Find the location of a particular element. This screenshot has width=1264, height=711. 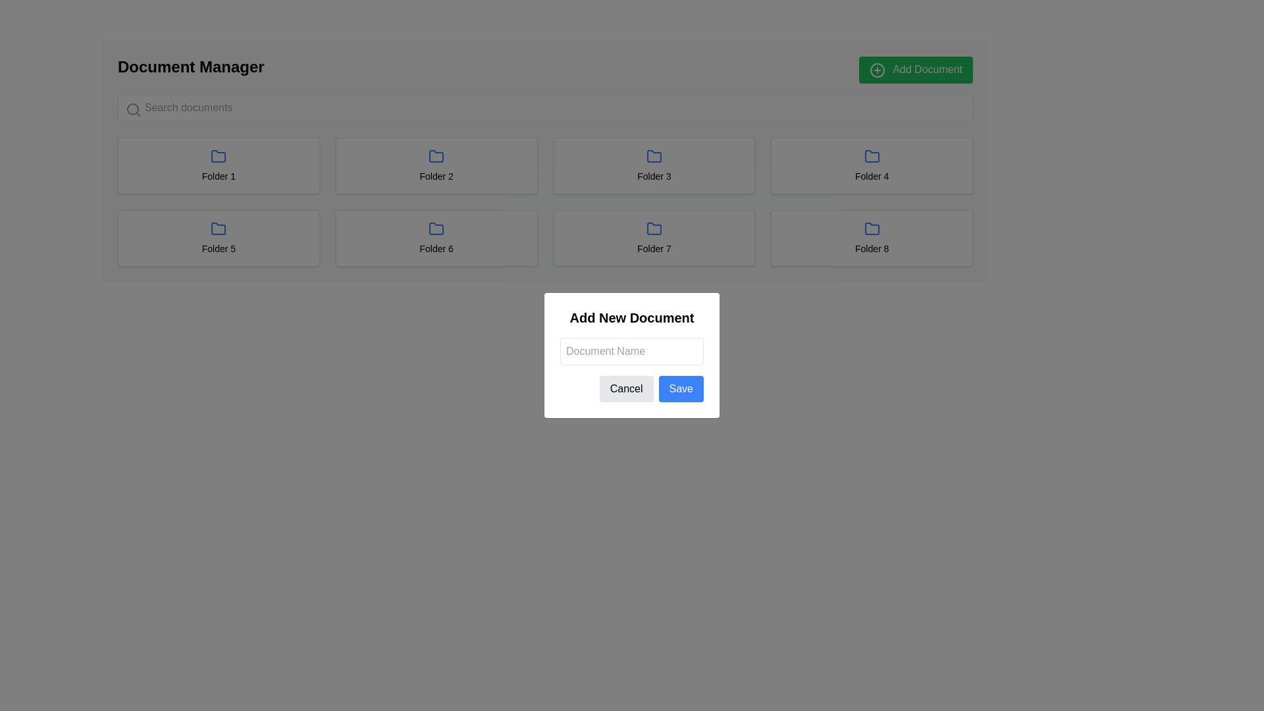

the graphic icon component of the folder styled with a blue outline, which is part of the third folder from the left in the first row is located at coordinates (654, 155).